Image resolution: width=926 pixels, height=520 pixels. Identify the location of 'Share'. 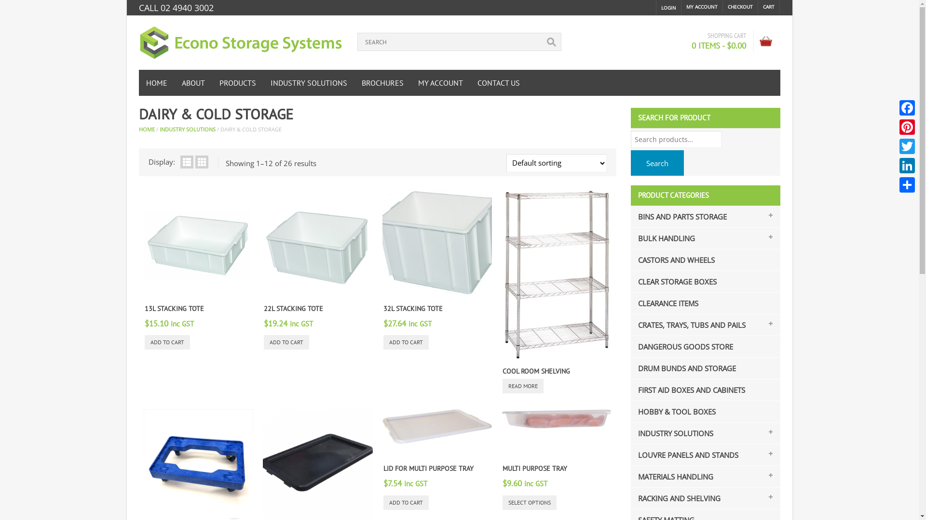
(907, 185).